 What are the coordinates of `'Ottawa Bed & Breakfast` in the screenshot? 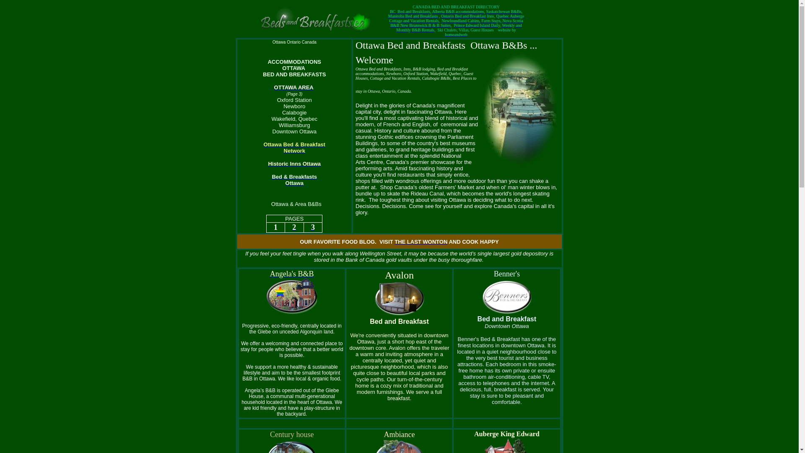 It's located at (294, 147).